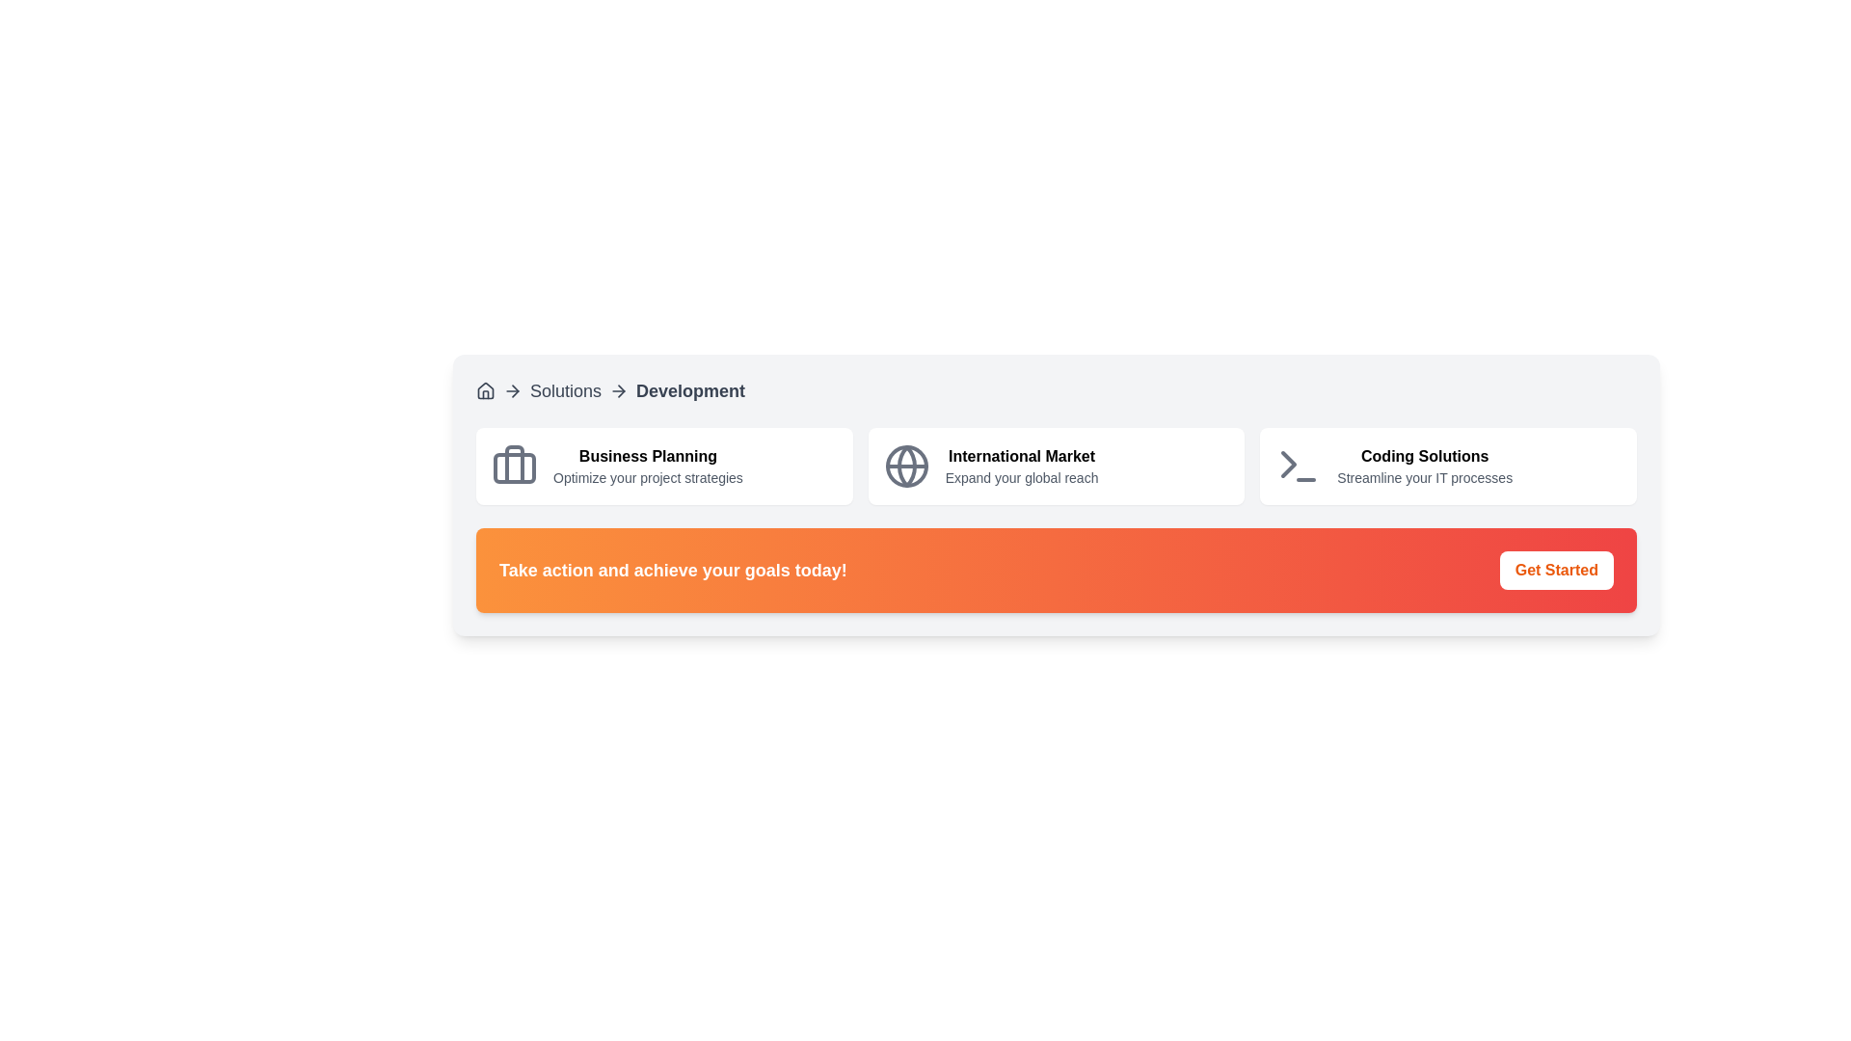 The image size is (1851, 1041). What do you see at coordinates (513, 390) in the screenshot?
I see `the right-arrow icon that serves as a navigation indicator for the next level in the breadcrumb trail, located to the right of the house-shaped icon and preceding the text 'Solutions'` at bounding box center [513, 390].